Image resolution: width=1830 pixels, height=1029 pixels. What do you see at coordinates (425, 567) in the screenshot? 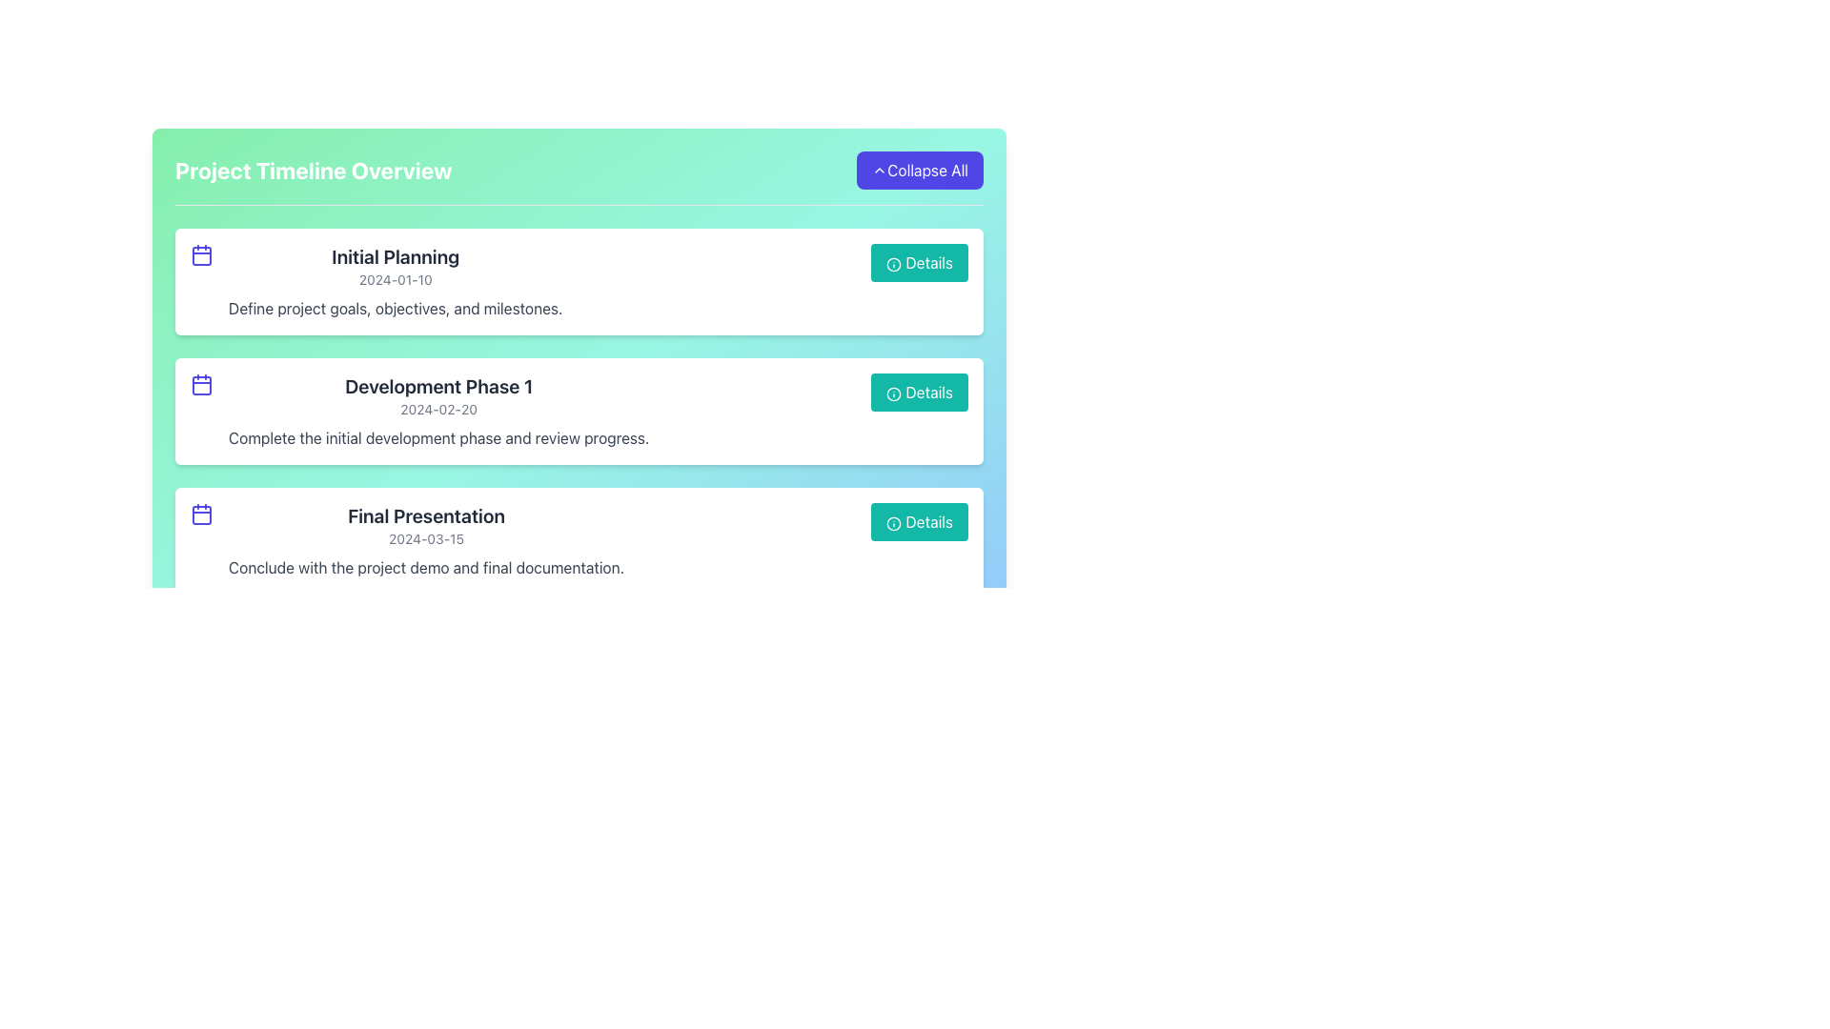
I see `the text element containing 'Conclude with the project demo and final documentation.' which is located in the 'Final Presentation' section, below the title and date` at bounding box center [425, 567].